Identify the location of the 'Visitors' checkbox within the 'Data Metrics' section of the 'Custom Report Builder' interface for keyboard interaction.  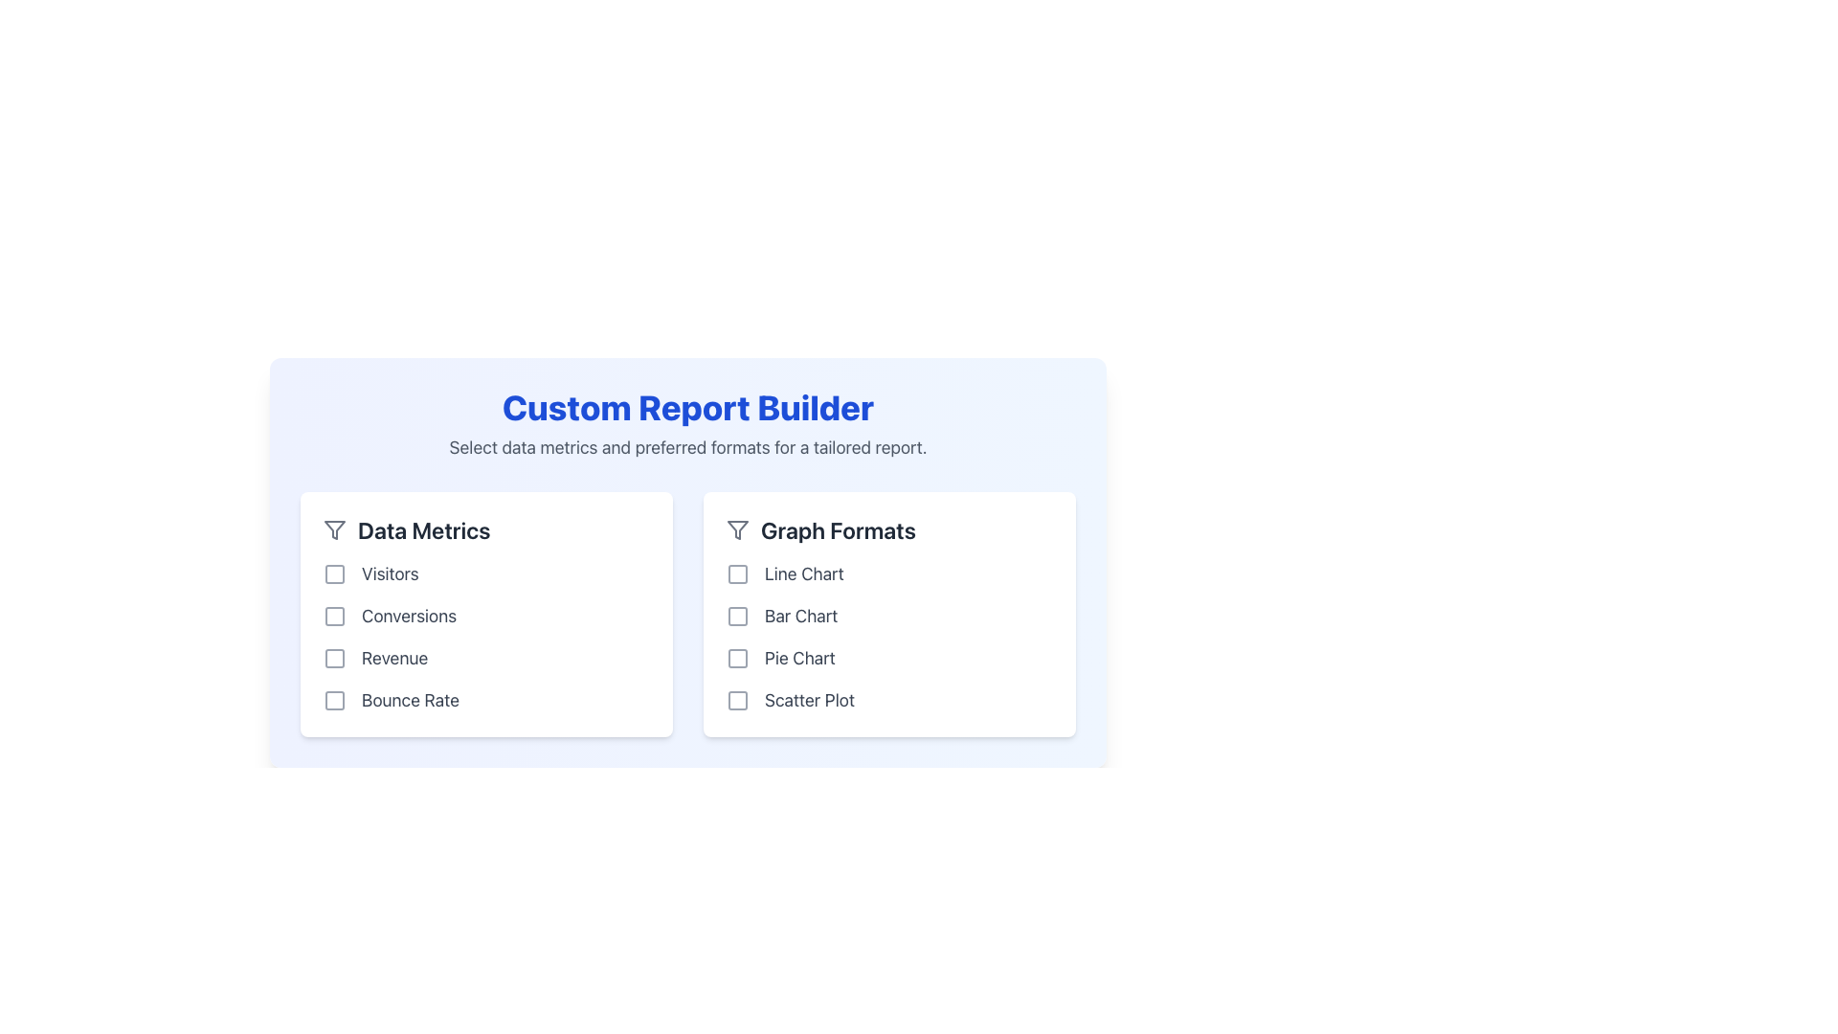
(335, 573).